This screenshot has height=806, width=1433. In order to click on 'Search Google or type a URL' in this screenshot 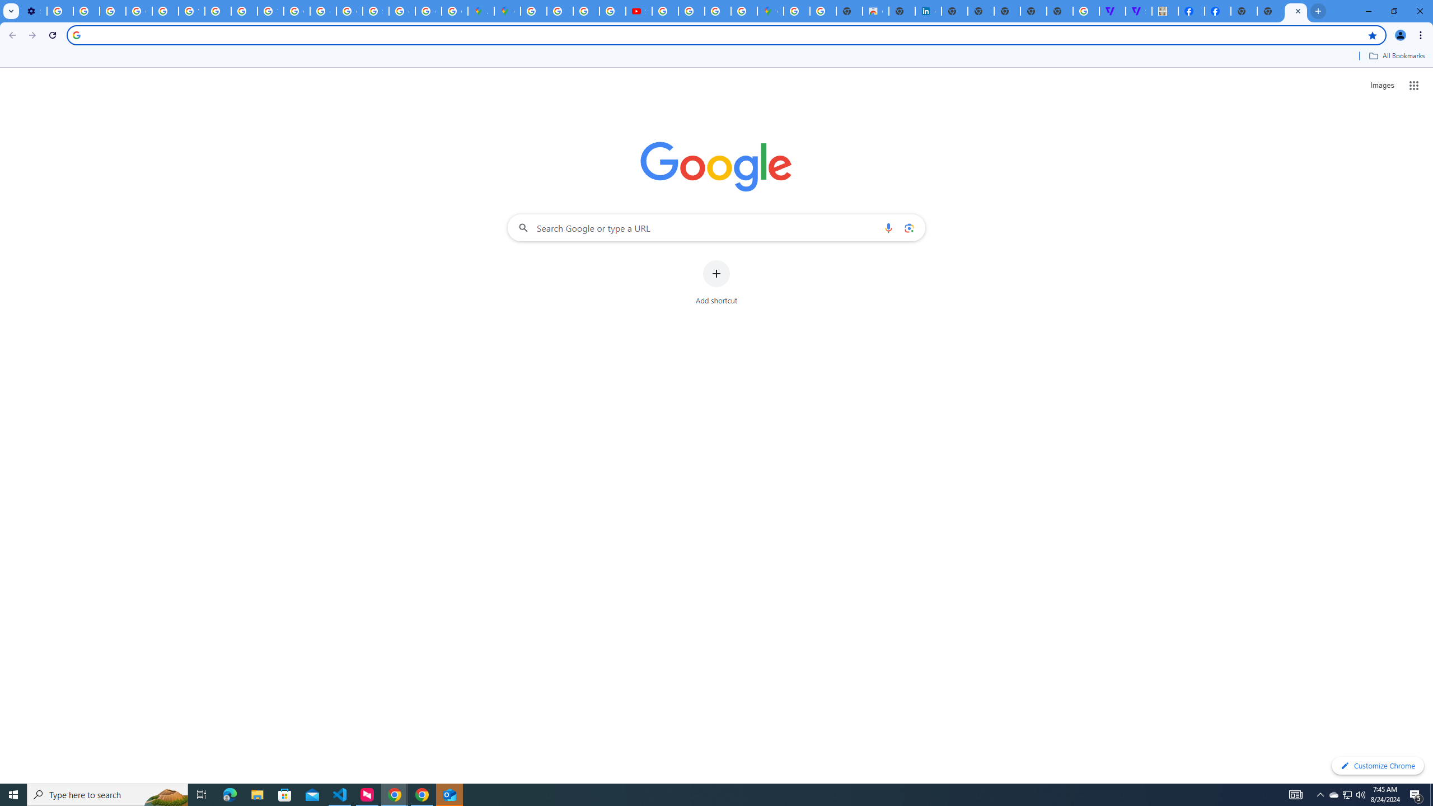, I will do `click(716, 227)`.